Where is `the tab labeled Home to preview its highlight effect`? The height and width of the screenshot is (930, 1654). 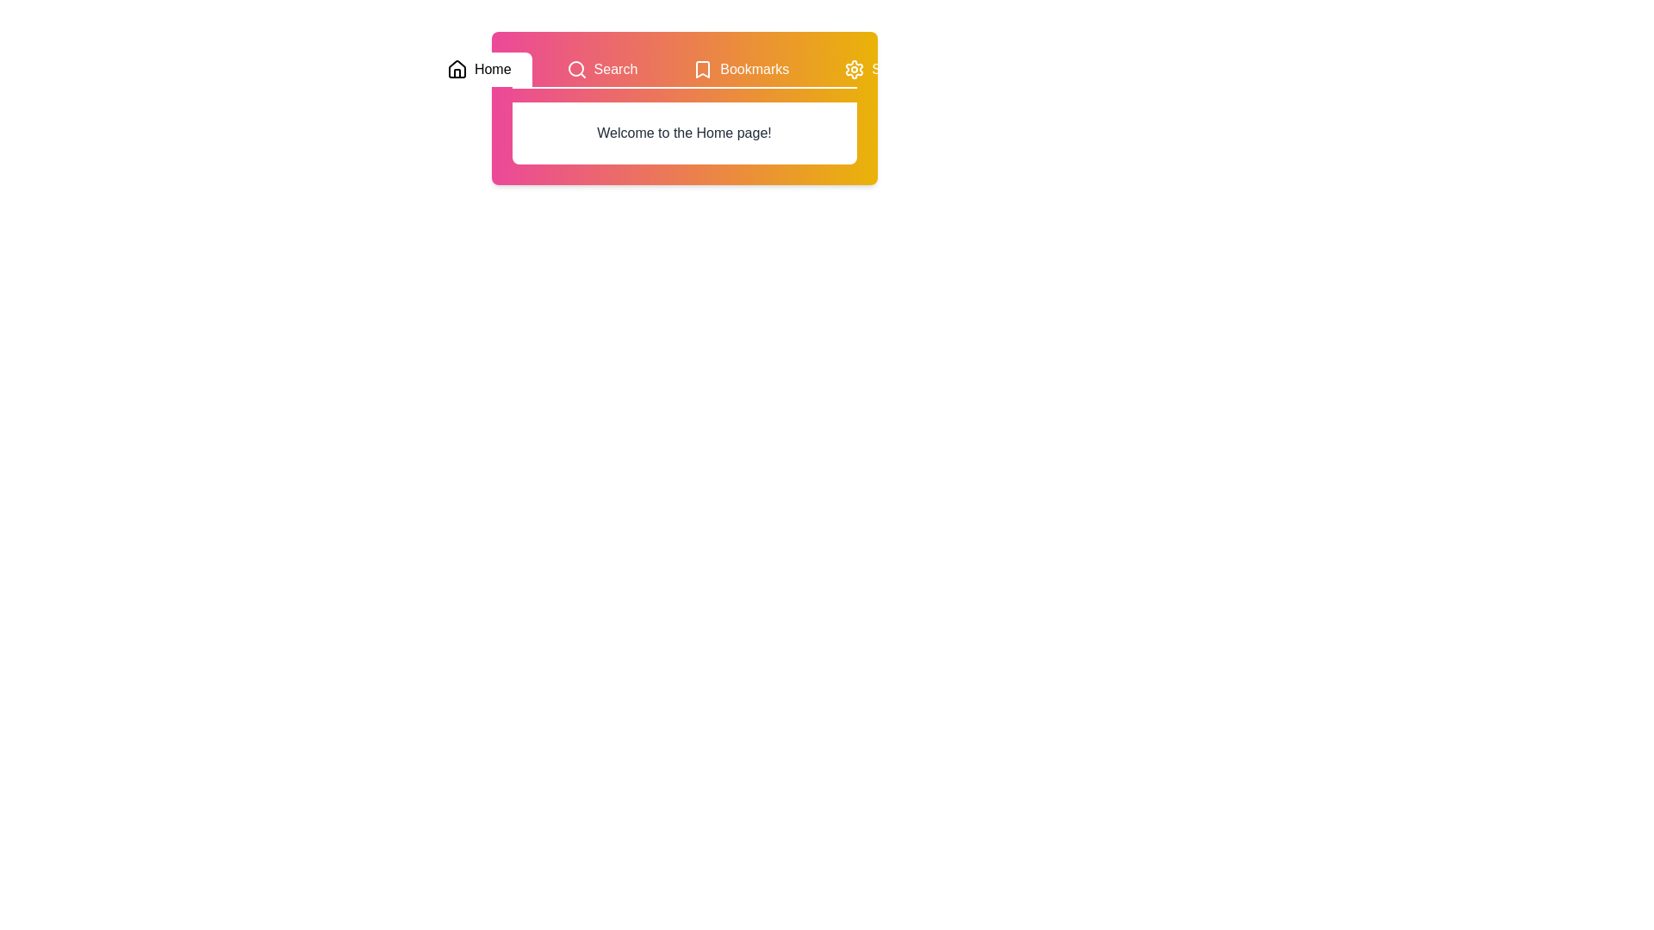 the tab labeled Home to preview its highlight effect is located at coordinates (479, 69).